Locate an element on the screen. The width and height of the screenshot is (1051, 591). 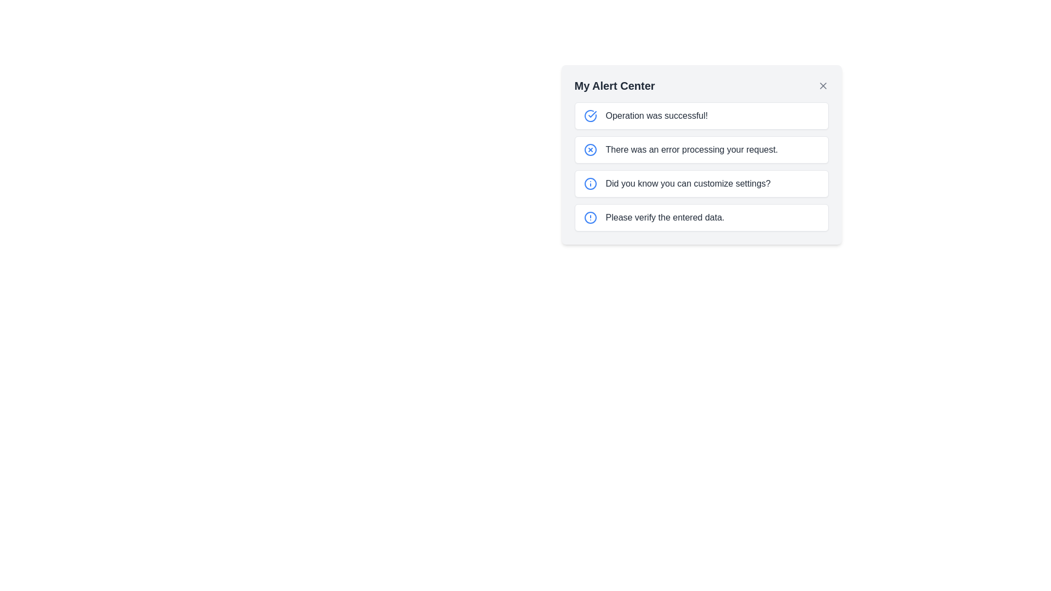
the icon on the second alert message stating 'There was an error processing your request.' is located at coordinates (701, 154).